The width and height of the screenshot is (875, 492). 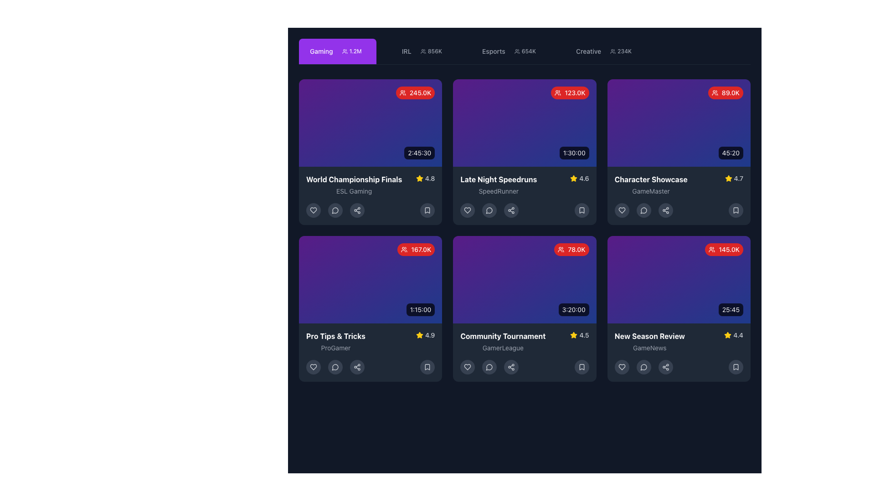 I want to click on the badge in the upper-right corner of the fourth card in the second row of the grid layout to associate the count with the 'Community Tournament' card's context, so click(x=571, y=249).